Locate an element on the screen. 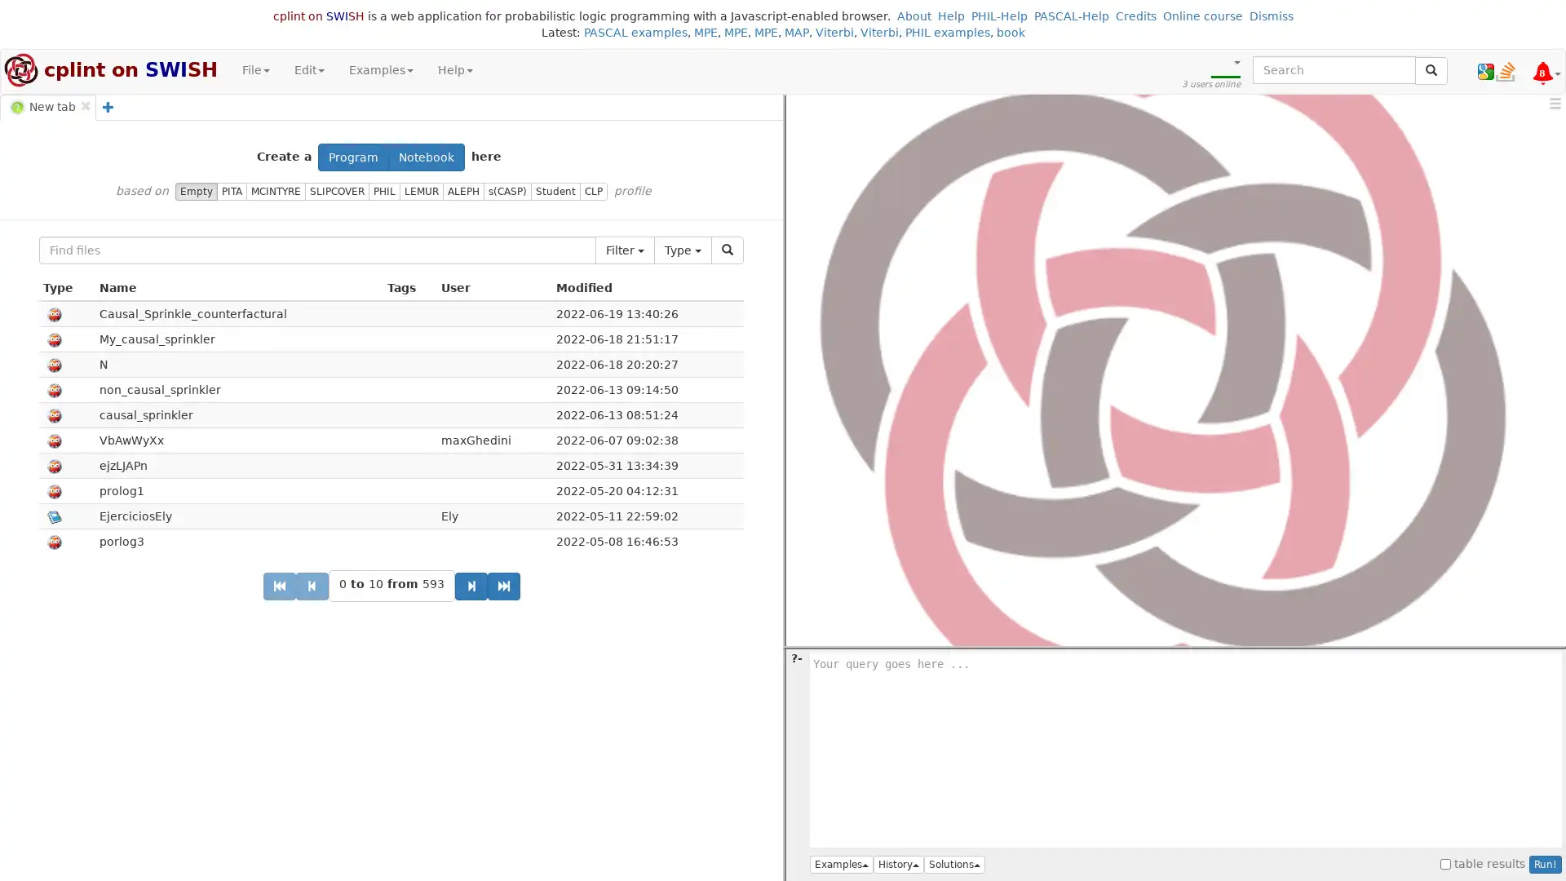  Notebook is located at coordinates (427, 157).